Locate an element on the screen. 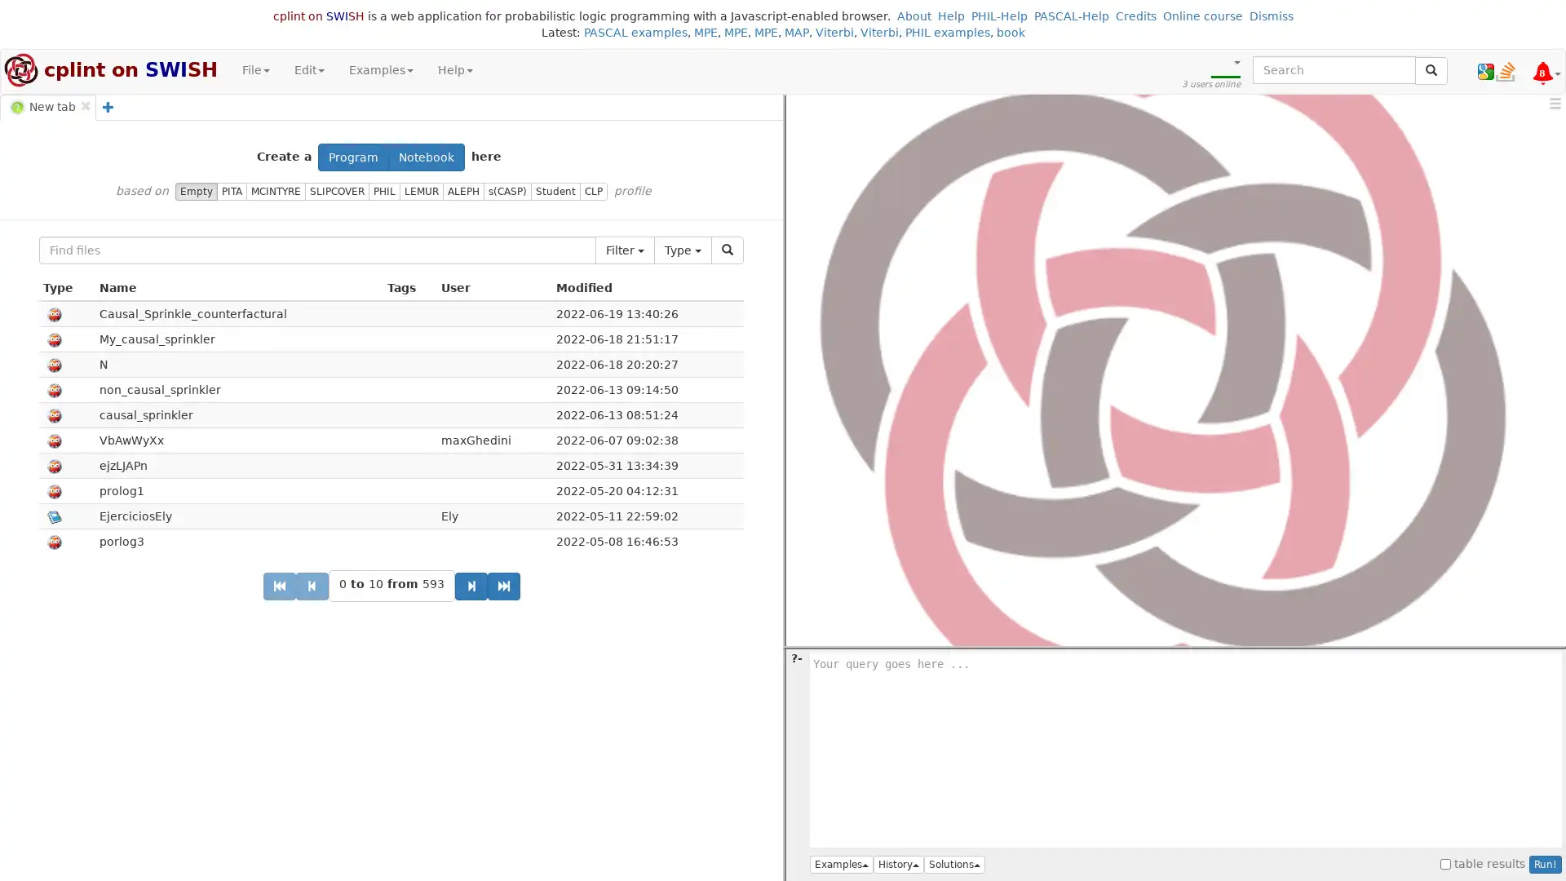  Notebook is located at coordinates (427, 157).